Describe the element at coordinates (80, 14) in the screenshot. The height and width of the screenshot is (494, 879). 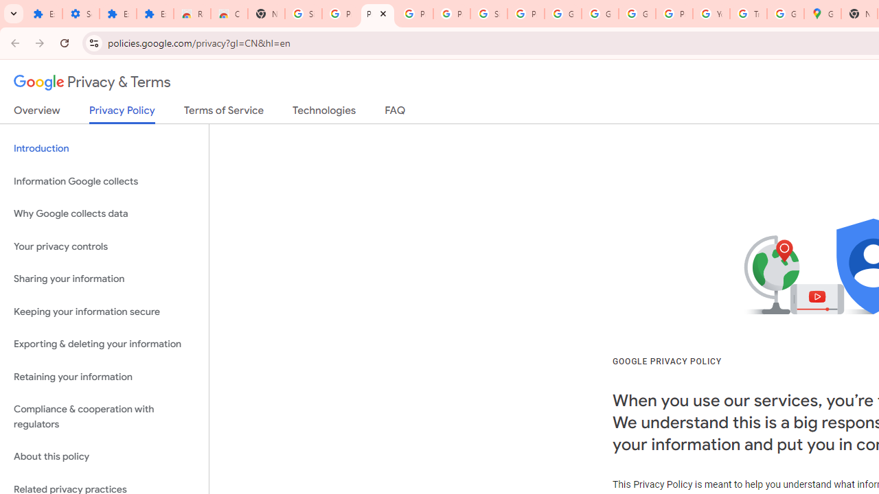
I see `'Settings'` at that location.